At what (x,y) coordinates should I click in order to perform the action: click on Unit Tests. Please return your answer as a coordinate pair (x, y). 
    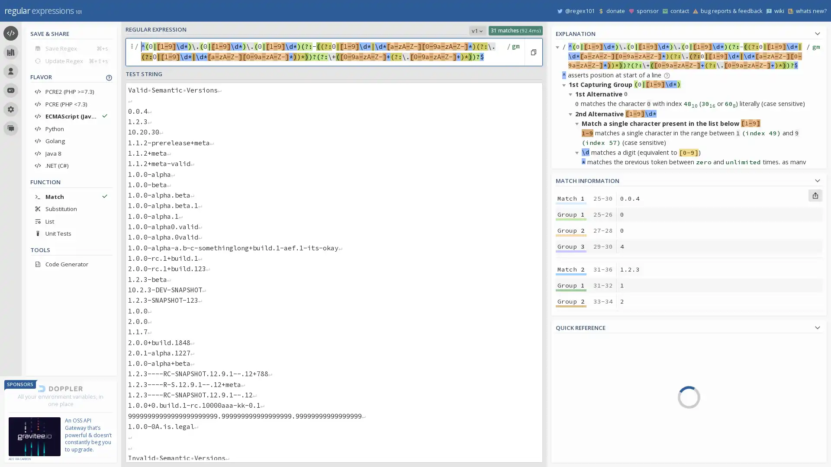
    Looking at the image, I should click on (71, 233).